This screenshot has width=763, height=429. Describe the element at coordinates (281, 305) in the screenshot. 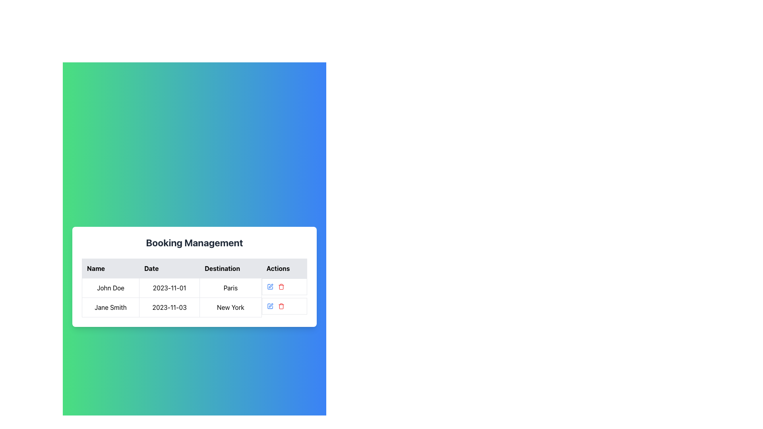

I see `the small red trash icon located in the second row of the 'Actions' column of the table for the entry of 'Jane Smith'` at that location.